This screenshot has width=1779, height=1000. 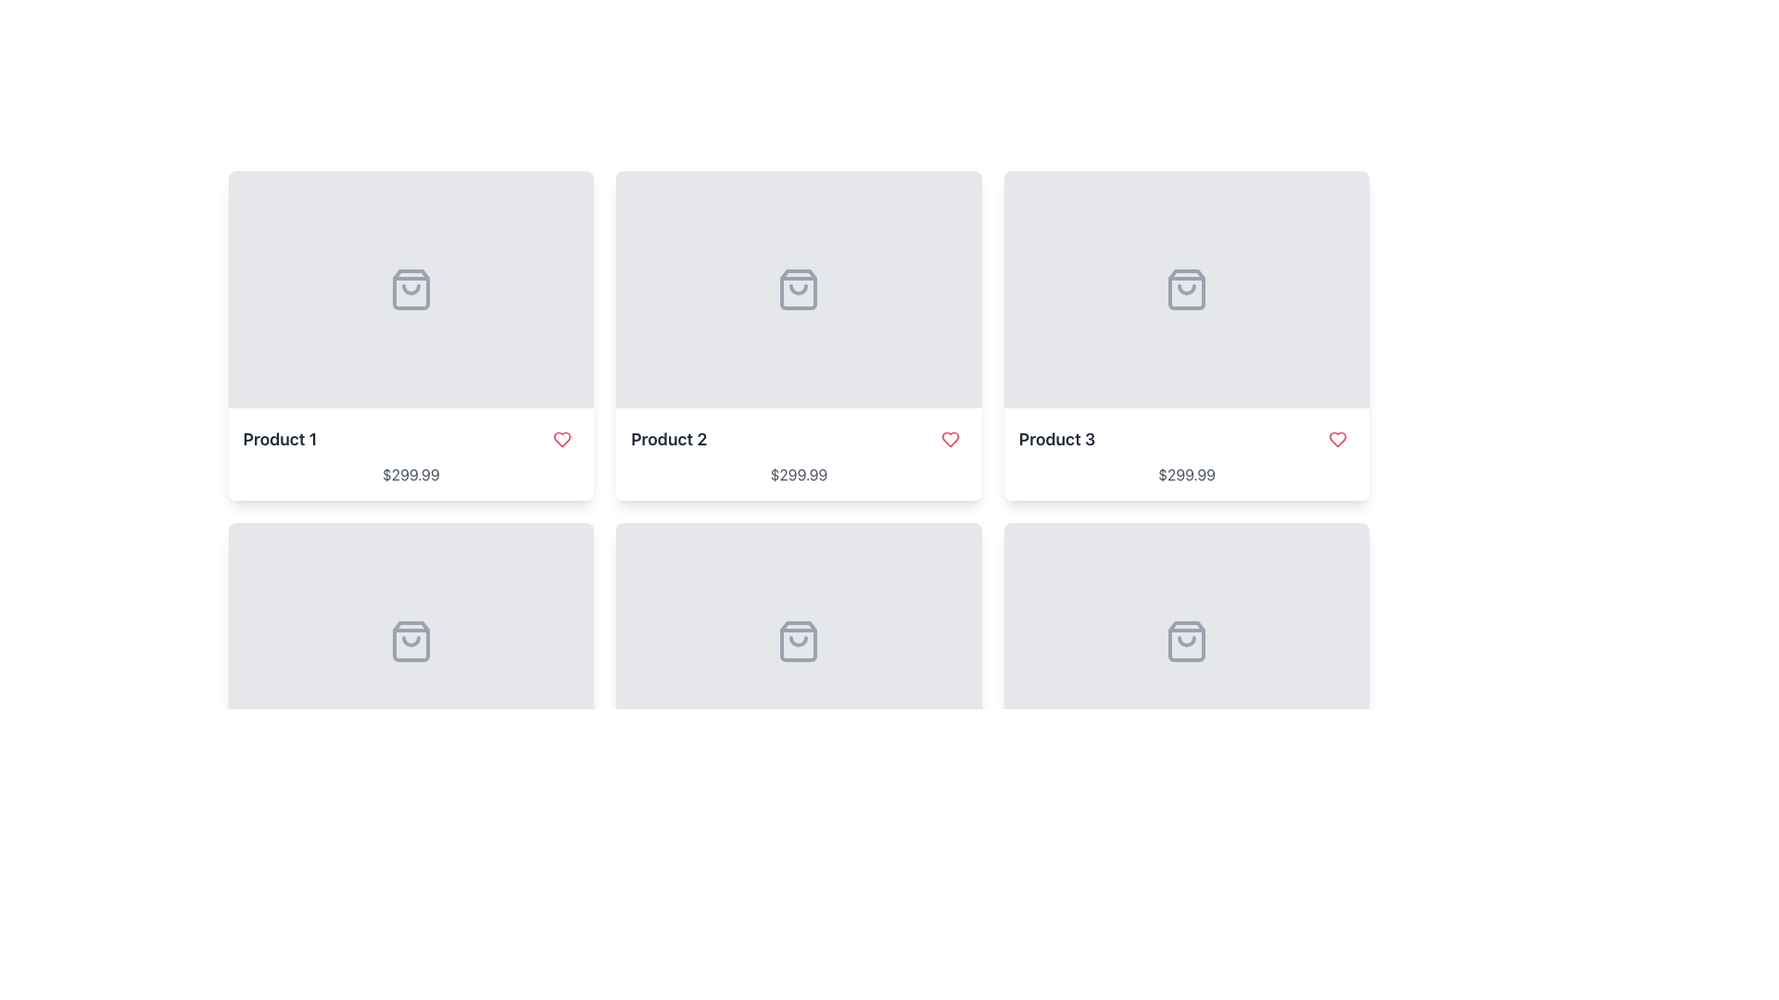 What do you see at coordinates (1187, 641) in the screenshot?
I see `the shopping-related icon located in the second row and third column of the product card grid` at bounding box center [1187, 641].